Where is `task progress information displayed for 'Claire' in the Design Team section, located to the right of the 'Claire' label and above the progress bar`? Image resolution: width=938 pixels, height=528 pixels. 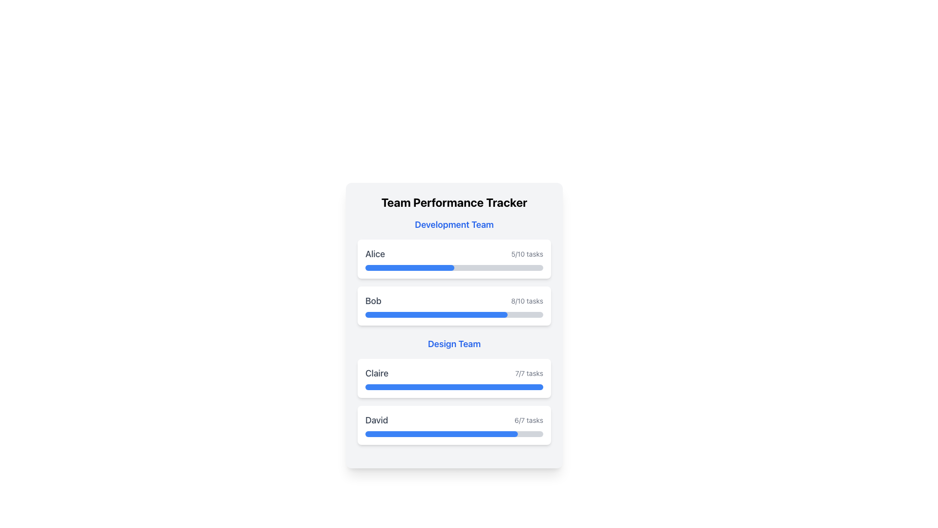
task progress information displayed for 'Claire' in the Design Team section, located to the right of the 'Claire' label and above the progress bar is located at coordinates (529, 373).